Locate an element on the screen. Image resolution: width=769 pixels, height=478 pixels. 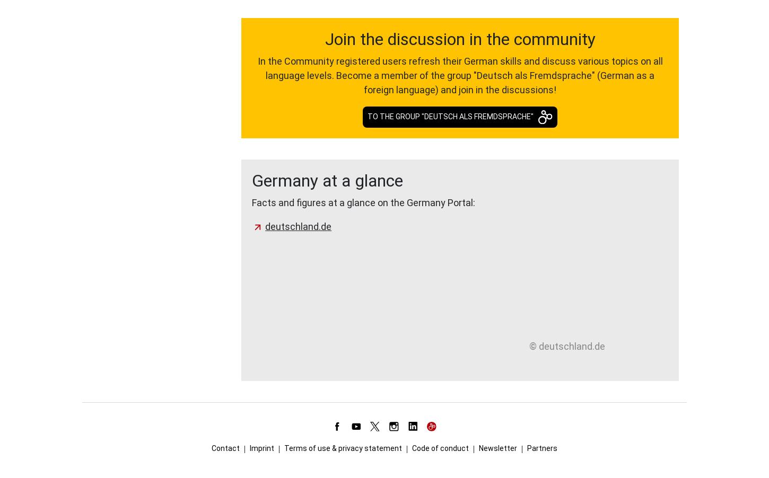
'Newsletter' is located at coordinates (497, 448).